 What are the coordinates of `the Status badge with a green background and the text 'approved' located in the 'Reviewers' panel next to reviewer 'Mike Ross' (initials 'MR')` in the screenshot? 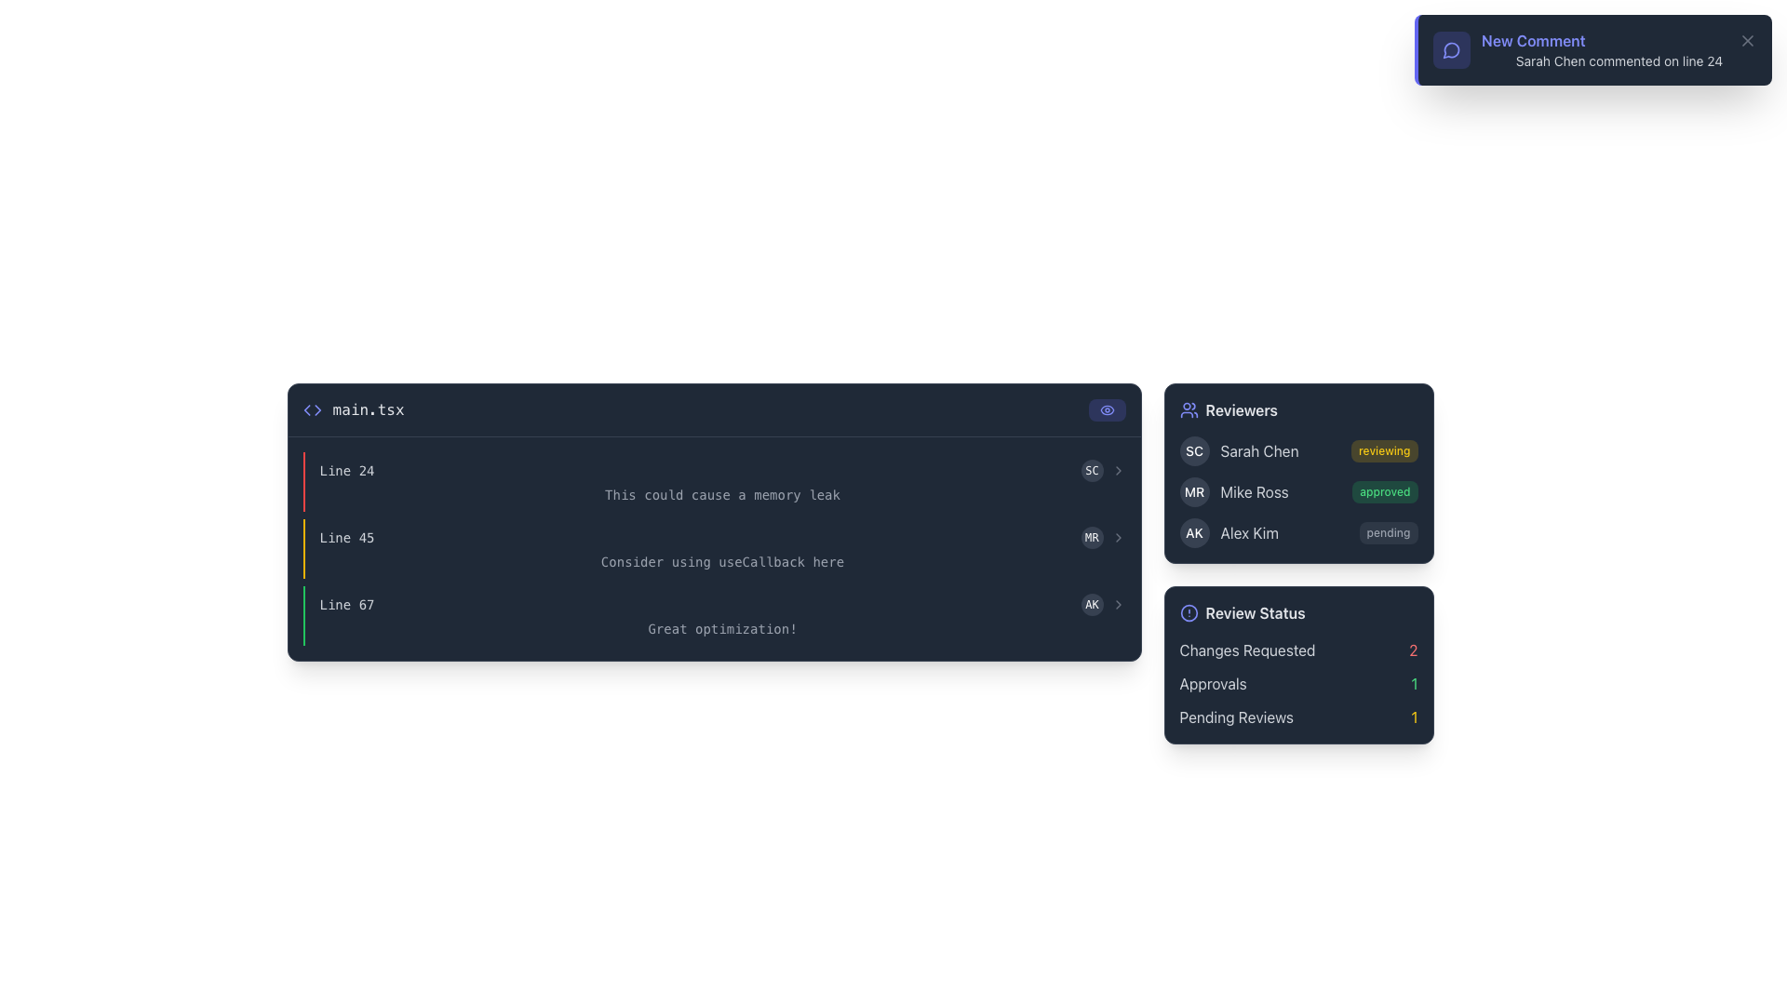 It's located at (1385, 490).